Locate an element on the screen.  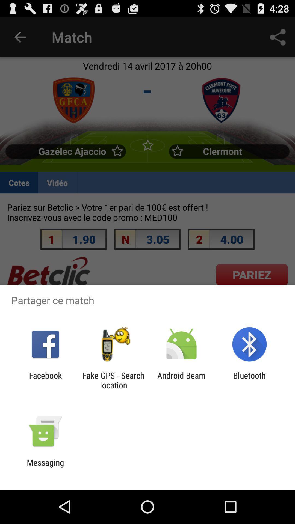
item to the right of facebook item is located at coordinates (113, 380).